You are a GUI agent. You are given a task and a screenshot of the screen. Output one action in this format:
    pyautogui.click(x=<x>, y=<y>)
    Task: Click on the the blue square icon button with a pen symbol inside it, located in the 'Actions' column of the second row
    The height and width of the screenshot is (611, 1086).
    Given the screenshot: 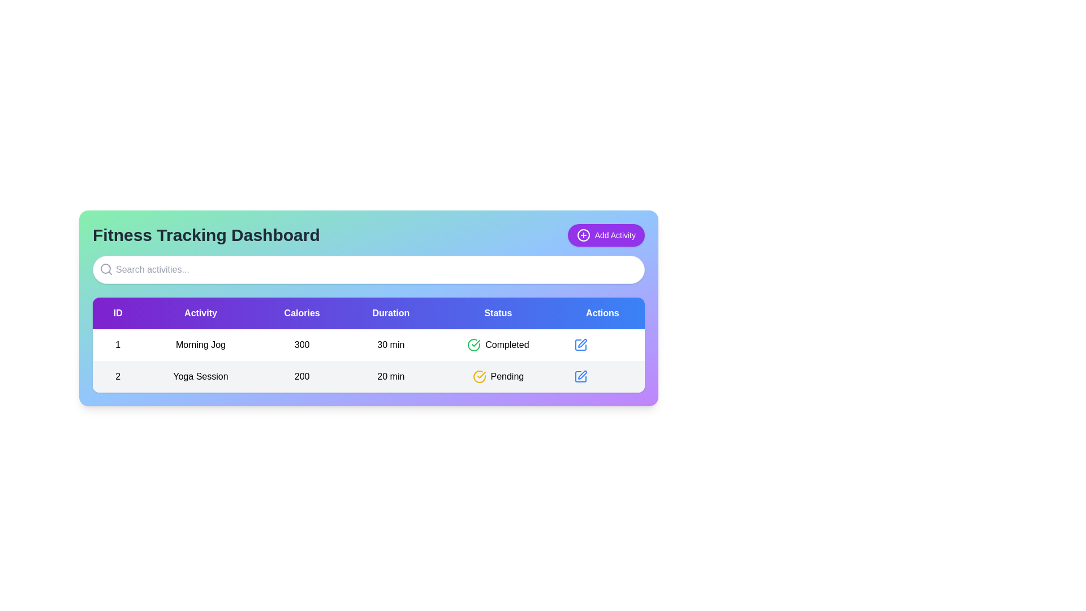 What is the action you would take?
    pyautogui.click(x=580, y=377)
    